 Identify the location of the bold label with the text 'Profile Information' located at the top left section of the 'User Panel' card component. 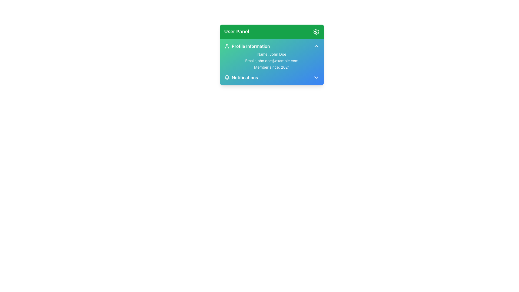
(247, 46).